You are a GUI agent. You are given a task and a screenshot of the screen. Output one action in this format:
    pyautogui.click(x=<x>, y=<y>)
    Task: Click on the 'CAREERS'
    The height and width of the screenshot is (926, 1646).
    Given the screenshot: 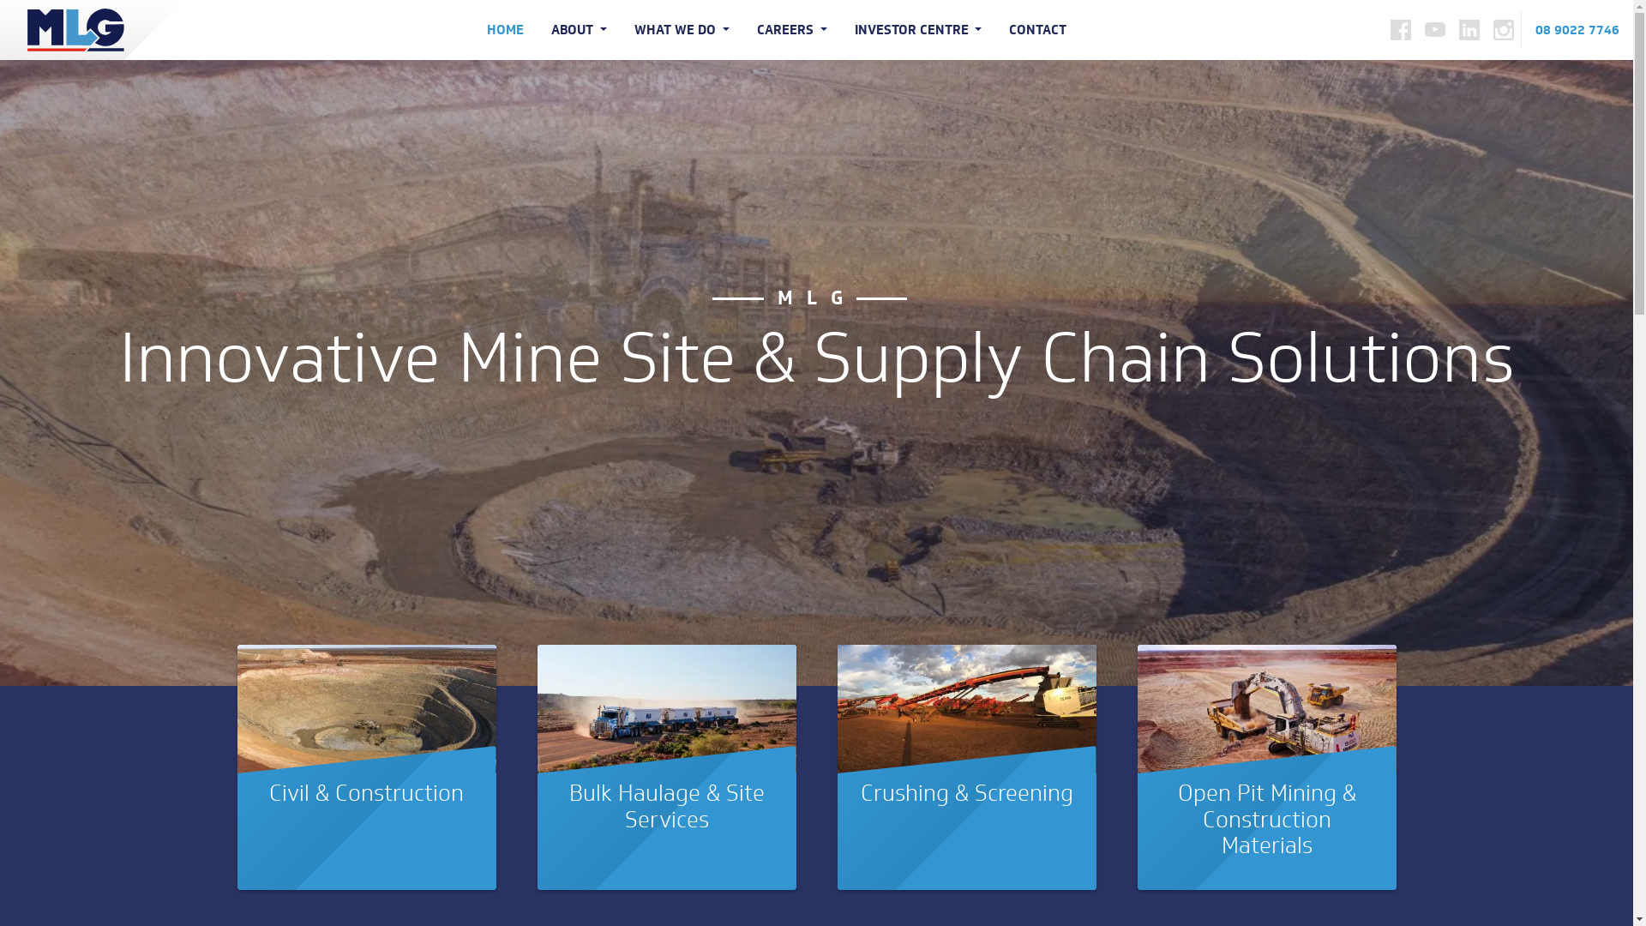 What is the action you would take?
    pyautogui.click(x=791, y=30)
    